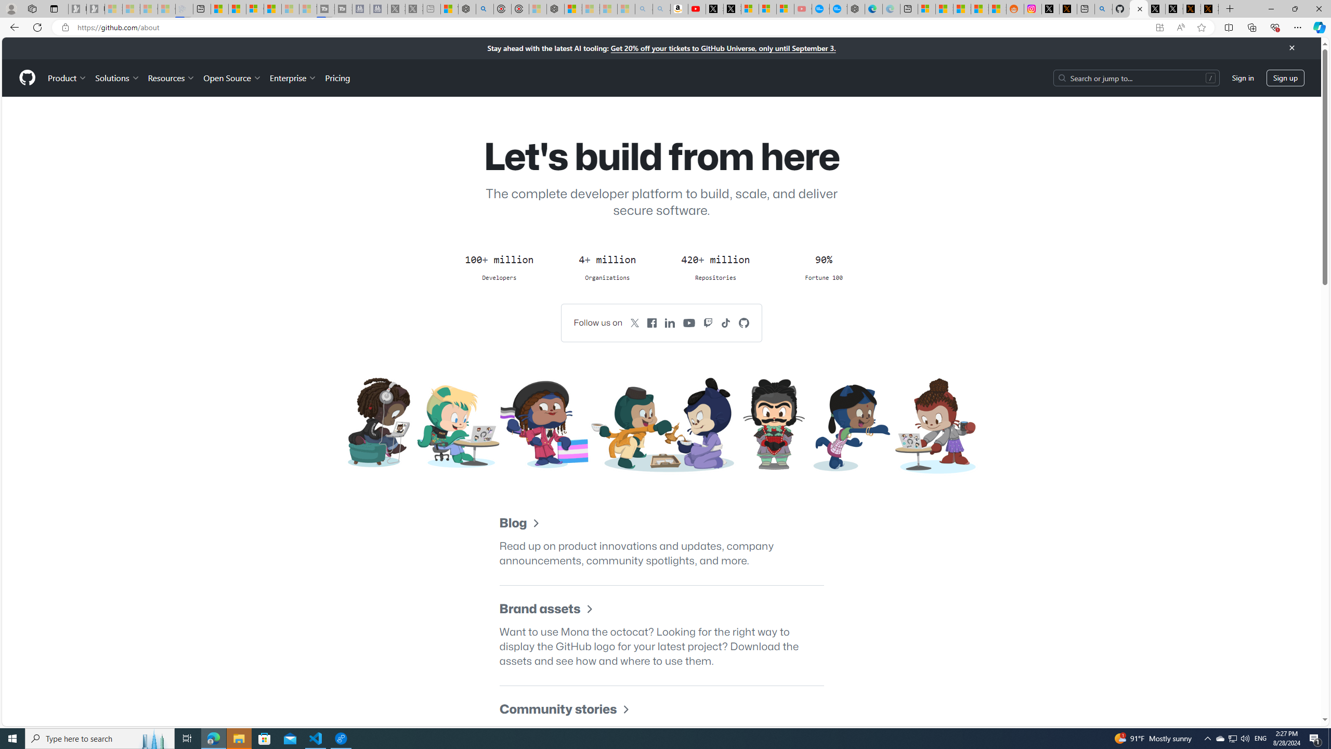 The height and width of the screenshot is (749, 1331). What do you see at coordinates (68, 78) in the screenshot?
I see `'Product'` at bounding box center [68, 78].